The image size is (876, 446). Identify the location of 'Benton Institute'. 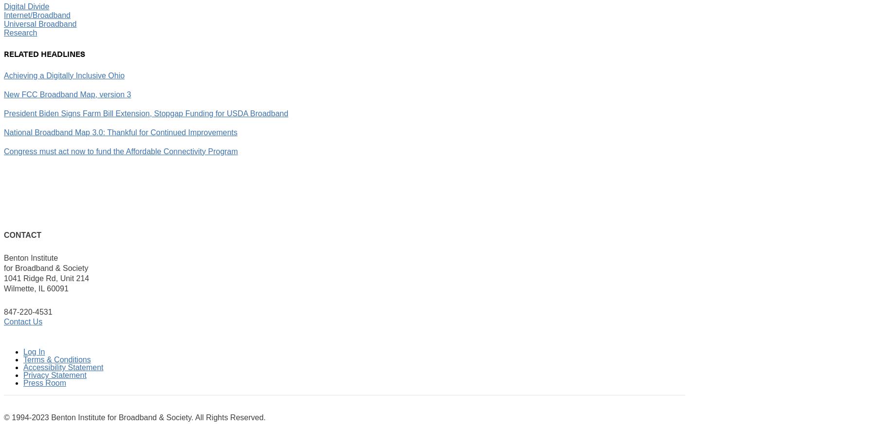
(30, 258).